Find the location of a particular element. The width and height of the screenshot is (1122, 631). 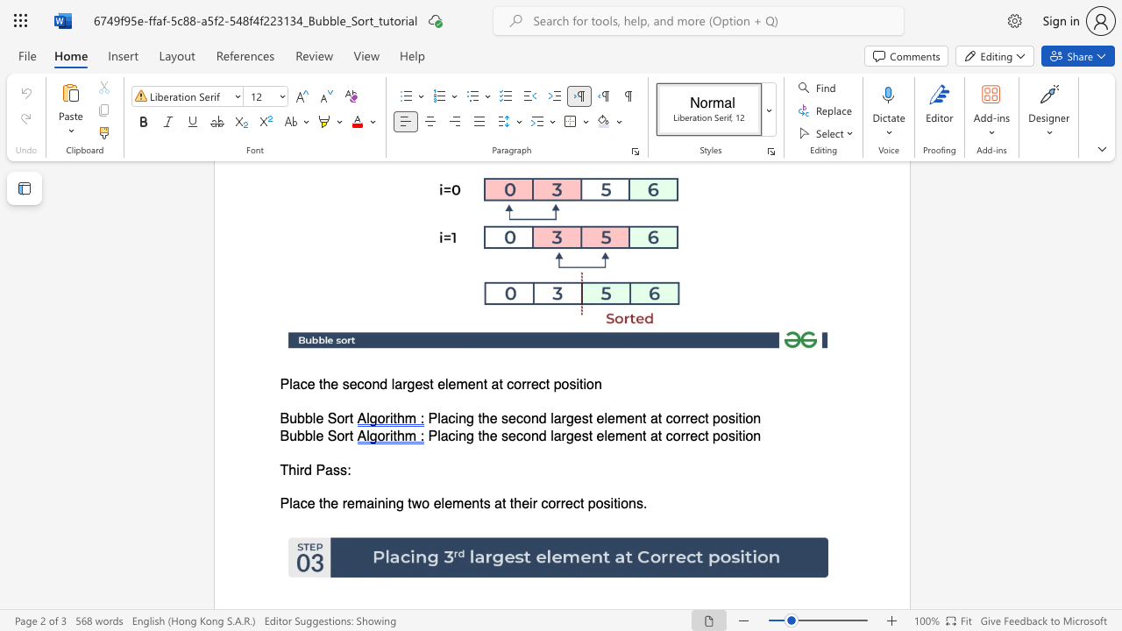

the 1th character "B" in the text is located at coordinates (284, 435).